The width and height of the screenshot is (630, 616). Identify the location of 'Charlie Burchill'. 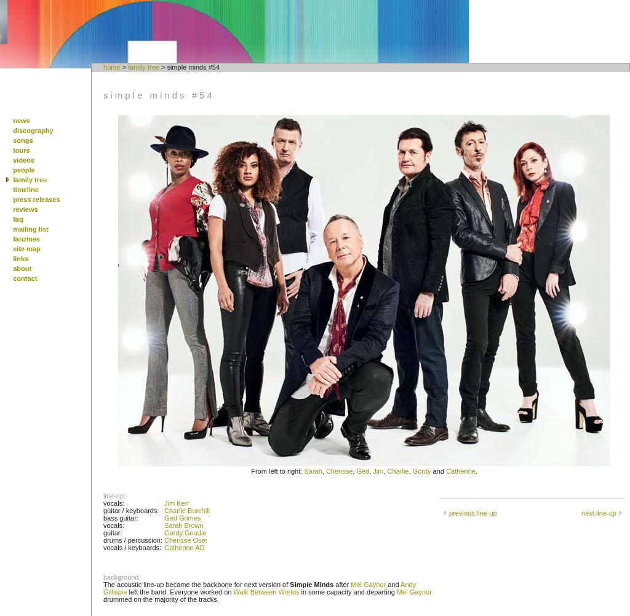
(186, 510).